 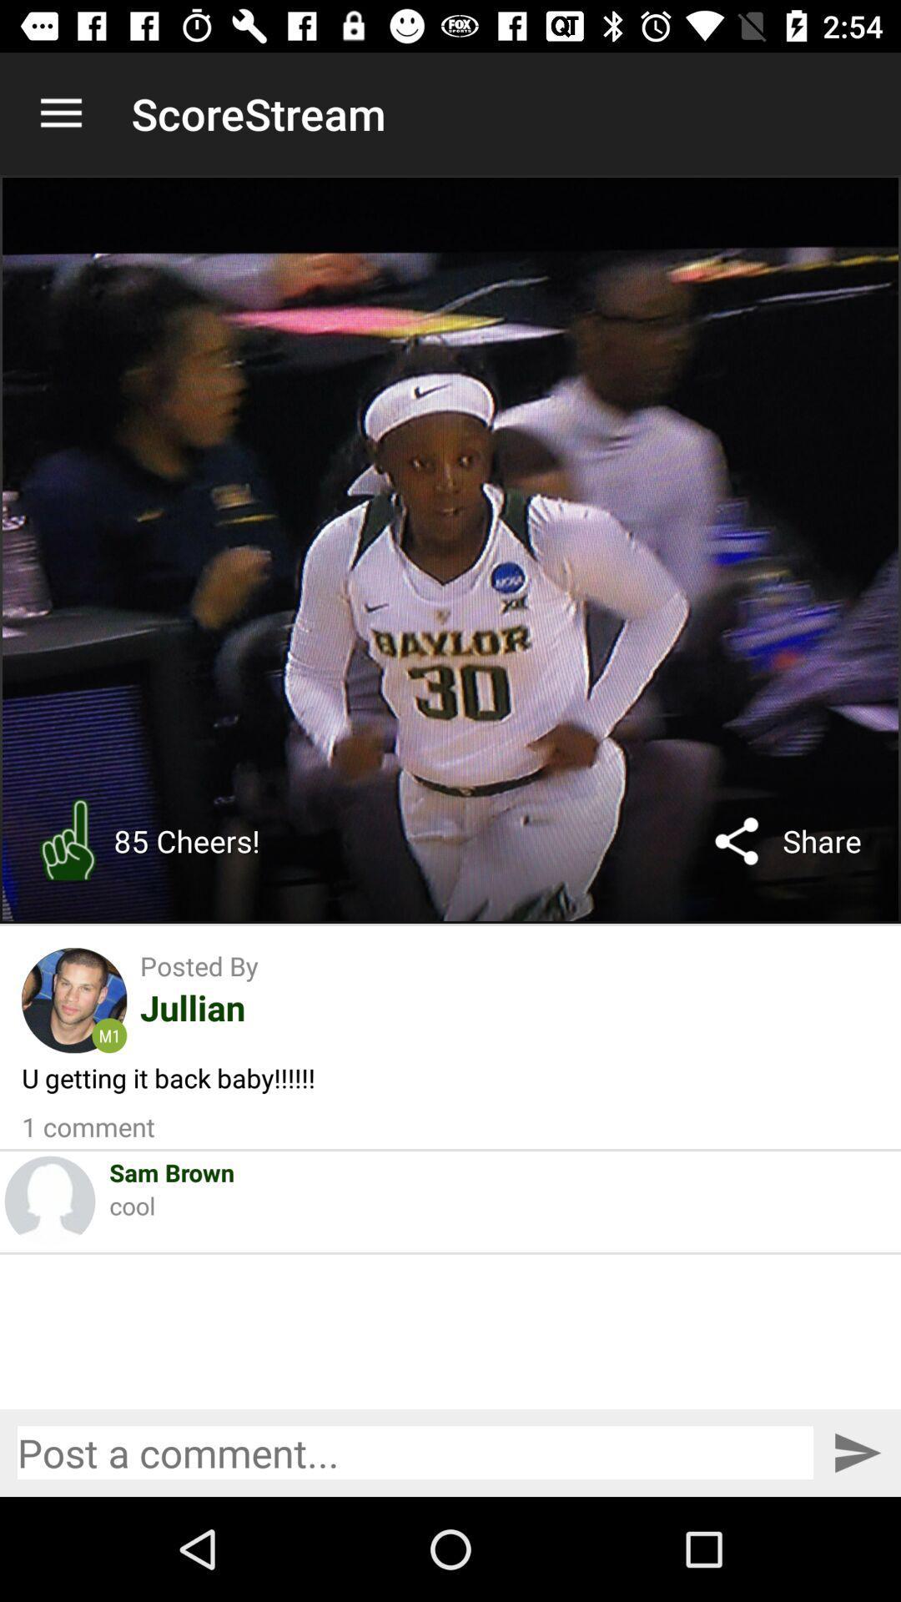 I want to click on the item next to scorestream, so click(x=60, y=113).